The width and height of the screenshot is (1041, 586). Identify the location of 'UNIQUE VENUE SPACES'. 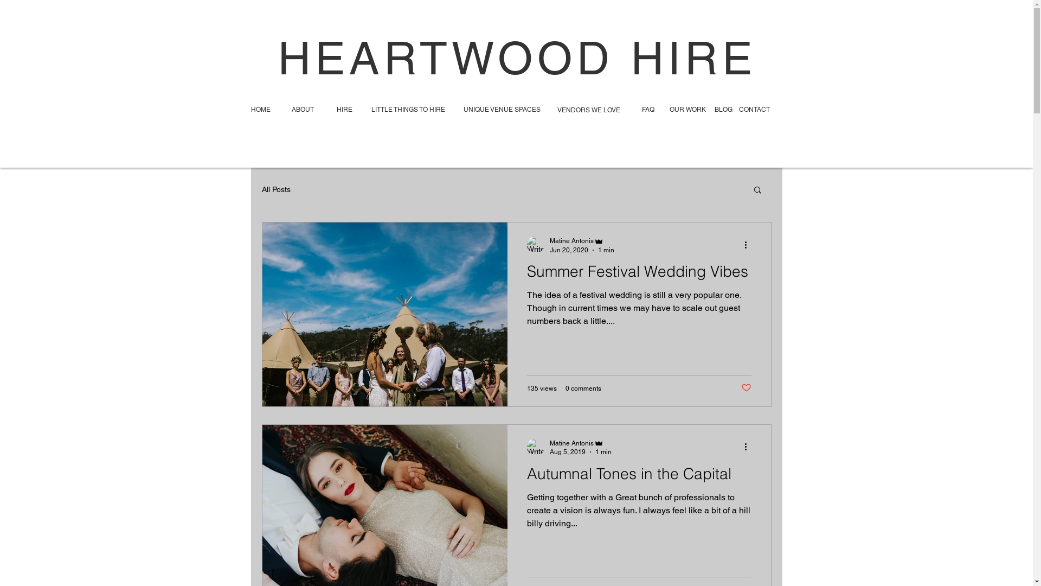
(463, 110).